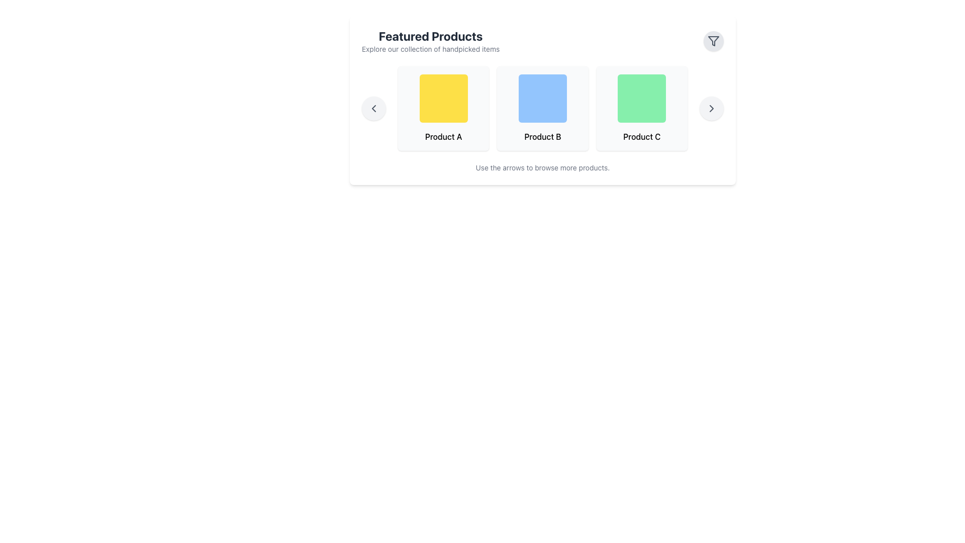  Describe the element at coordinates (641, 137) in the screenshot. I see `the text label that identifies 'Product C', located in the lower part of the card layout below the green box representing 'Product C'` at that location.